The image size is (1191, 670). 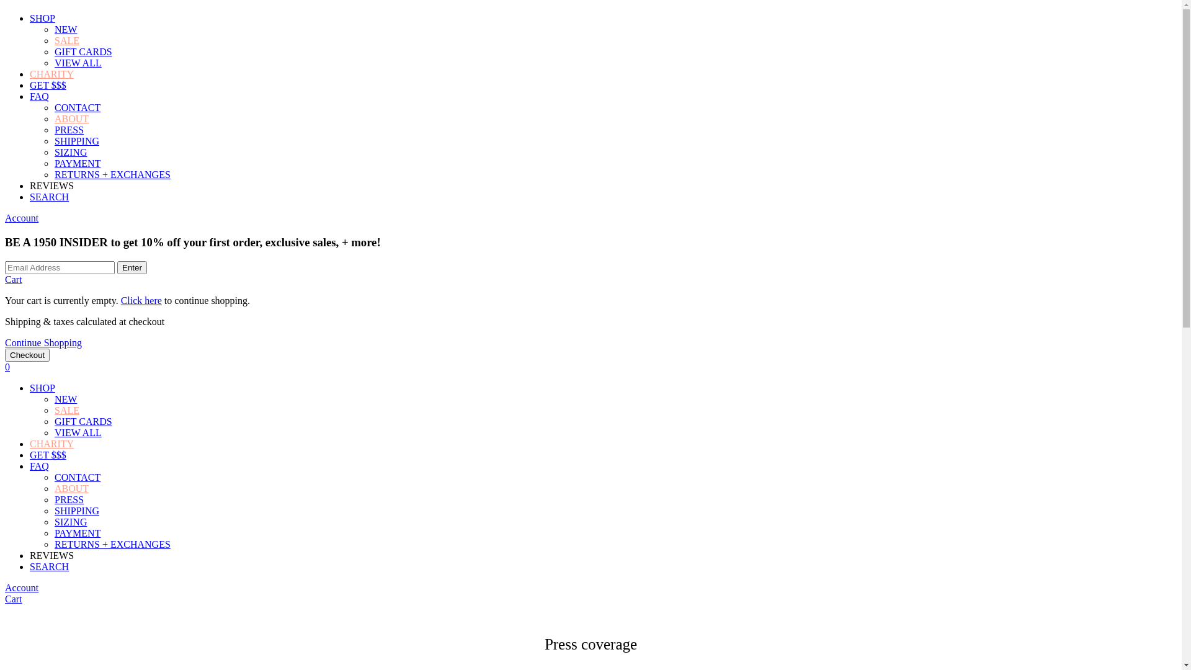 What do you see at coordinates (68, 130) in the screenshot?
I see `'PRESS'` at bounding box center [68, 130].